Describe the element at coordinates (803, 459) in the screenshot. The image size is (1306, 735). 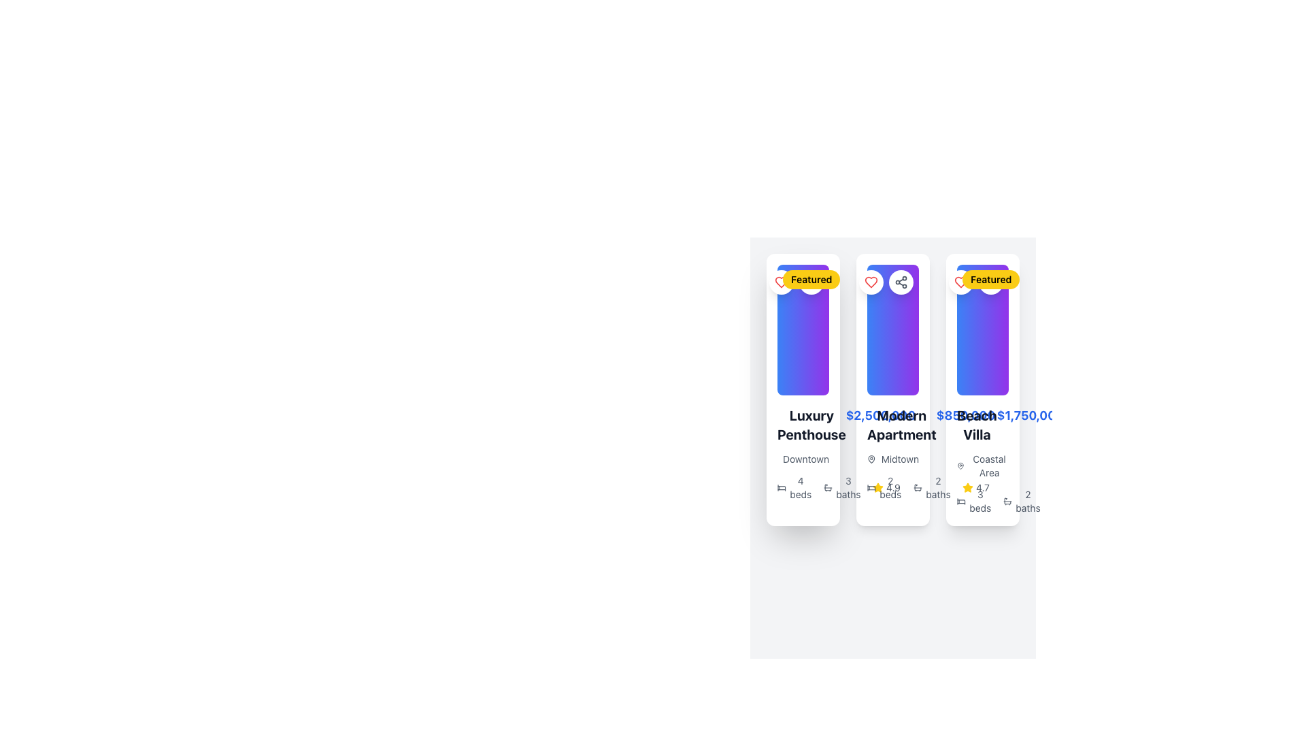
I see `the static text label indicating the geographical location associated with the listing item under the 'Luxury Penthouse' title` at that location.